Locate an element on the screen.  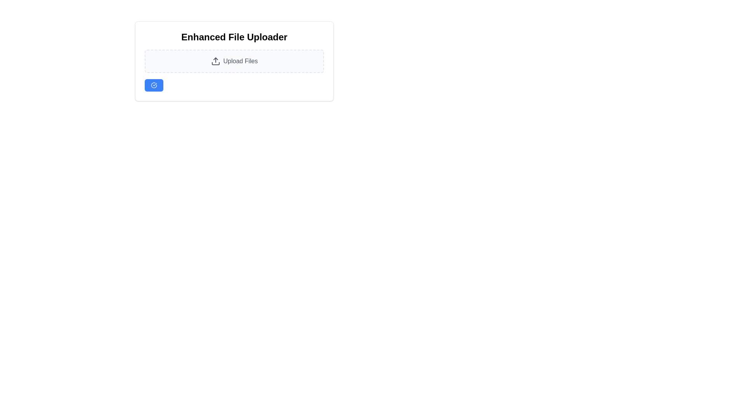
the upload icon located to the left of the 'Upload Files' text, which serves as a visual indicator for the file upload functionality is located at coordinates (215, 61).